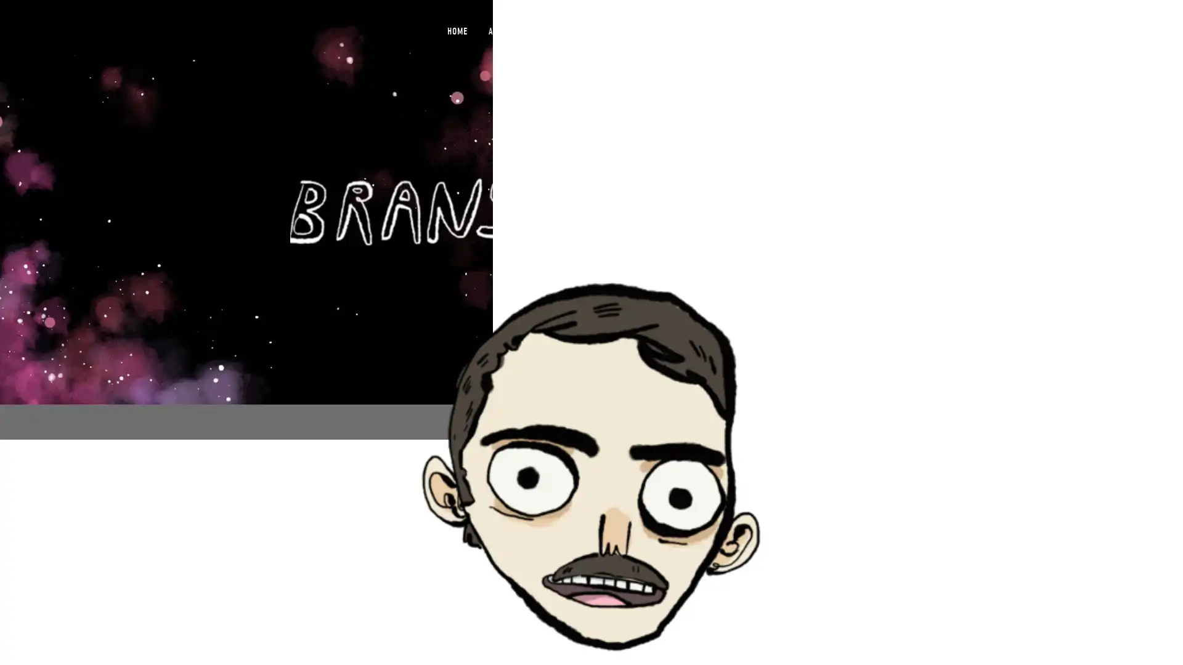 This screenshot has height=665, width=1183. What do you see at coordinates (590, 376) in the screenshot?
I see `View fullsize 0-1.png` at bounding box center [590, 376].